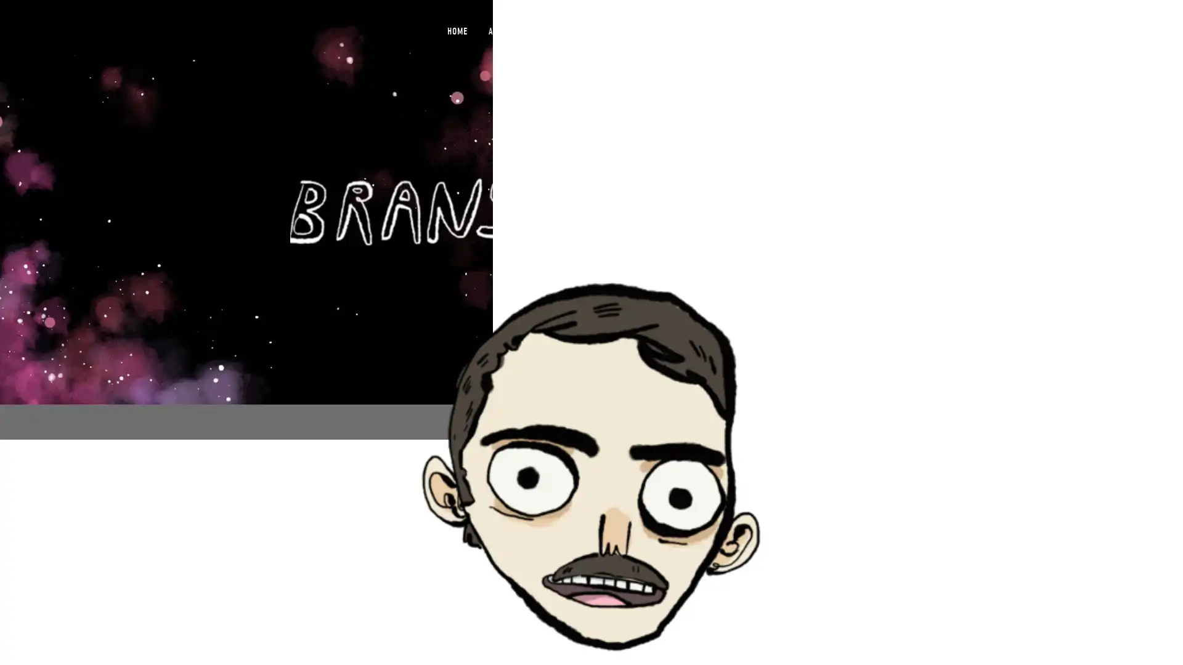 This screenshot has height=665, width=1183. What do you see at coordinates (590, 376) in the screenshot?
I see `View fullsize 0-1.png` at bounding box center [590, 376].